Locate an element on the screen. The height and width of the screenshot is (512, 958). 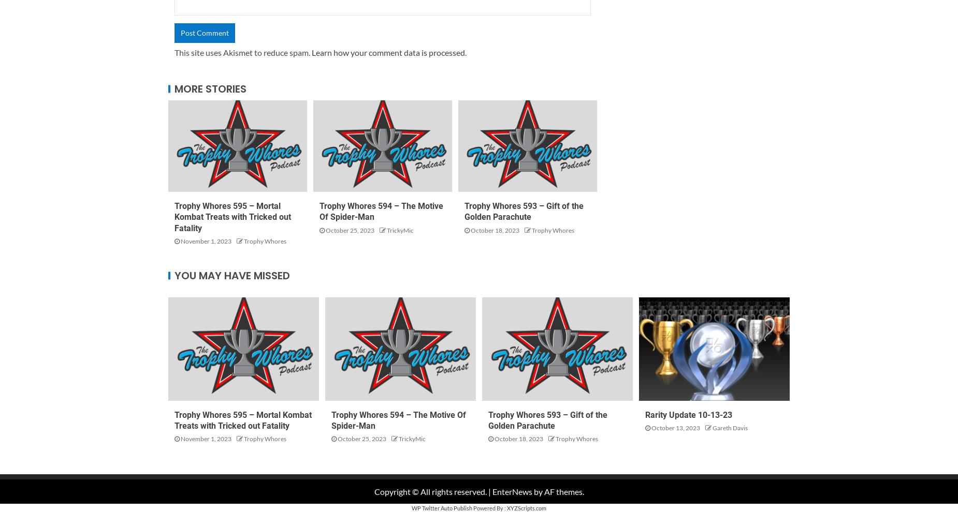
'XYZScripts.com' is located at coordinates (526, 508).